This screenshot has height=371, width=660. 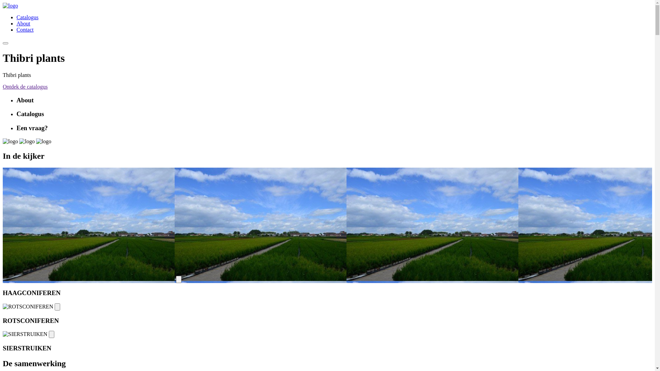 I want to click on 'Ontdek de catalogus', so click(x=25, y=86).